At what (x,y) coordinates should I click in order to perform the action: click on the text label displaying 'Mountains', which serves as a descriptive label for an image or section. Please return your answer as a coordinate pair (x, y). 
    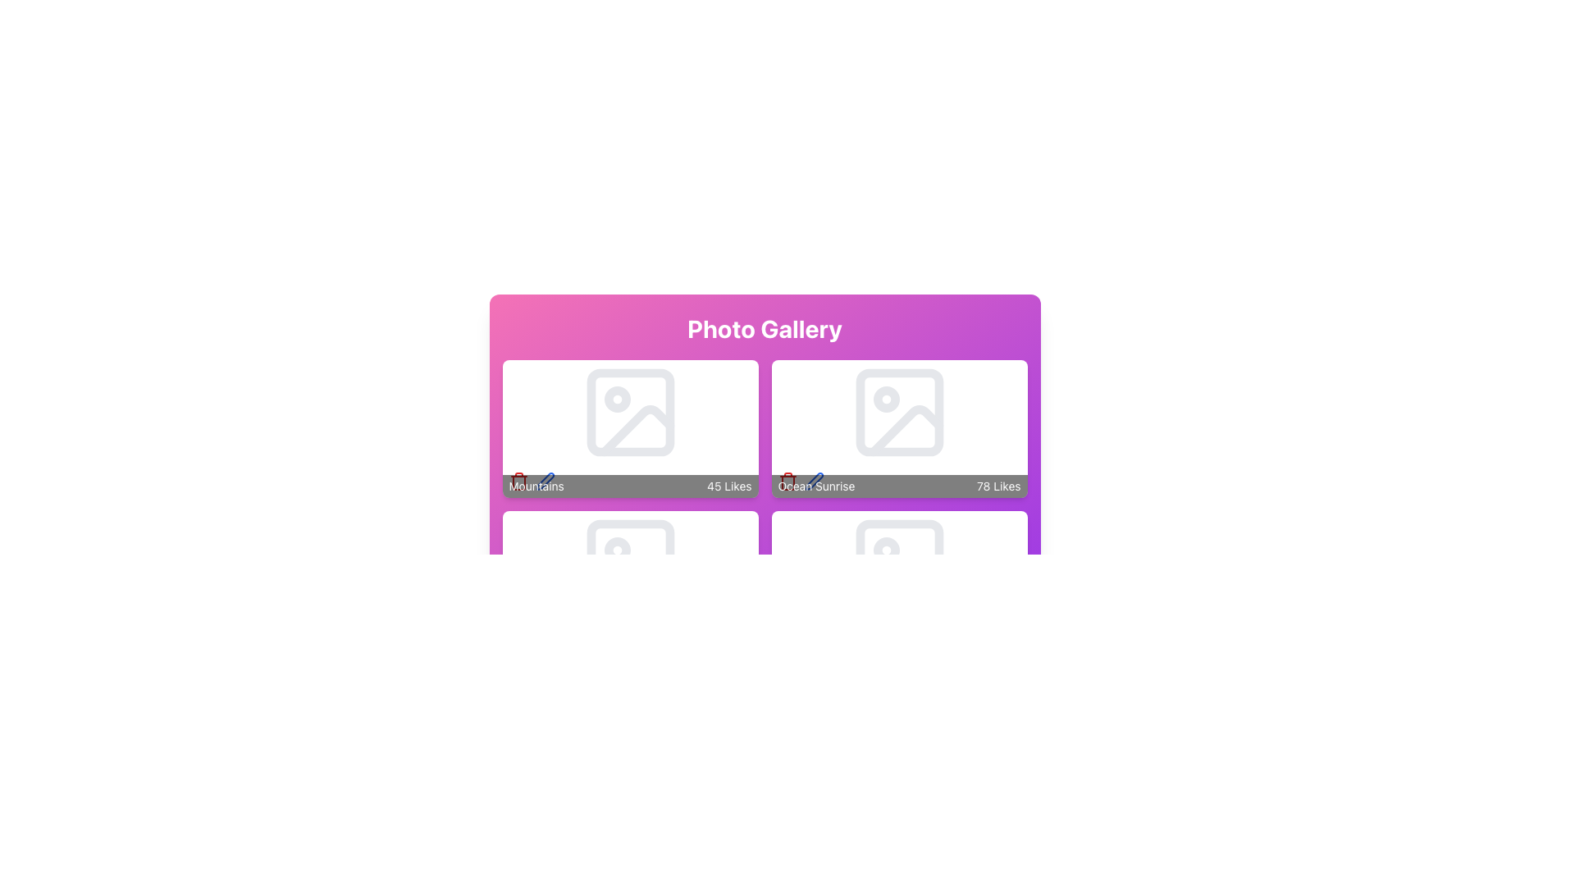
    Looking at the image, I should click on (536, 486).